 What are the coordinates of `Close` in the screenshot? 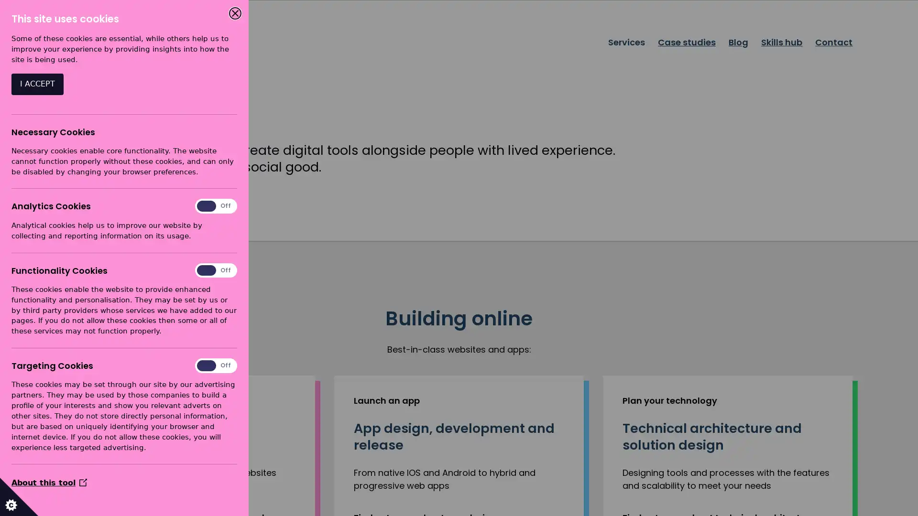 It's located at (235, 13).